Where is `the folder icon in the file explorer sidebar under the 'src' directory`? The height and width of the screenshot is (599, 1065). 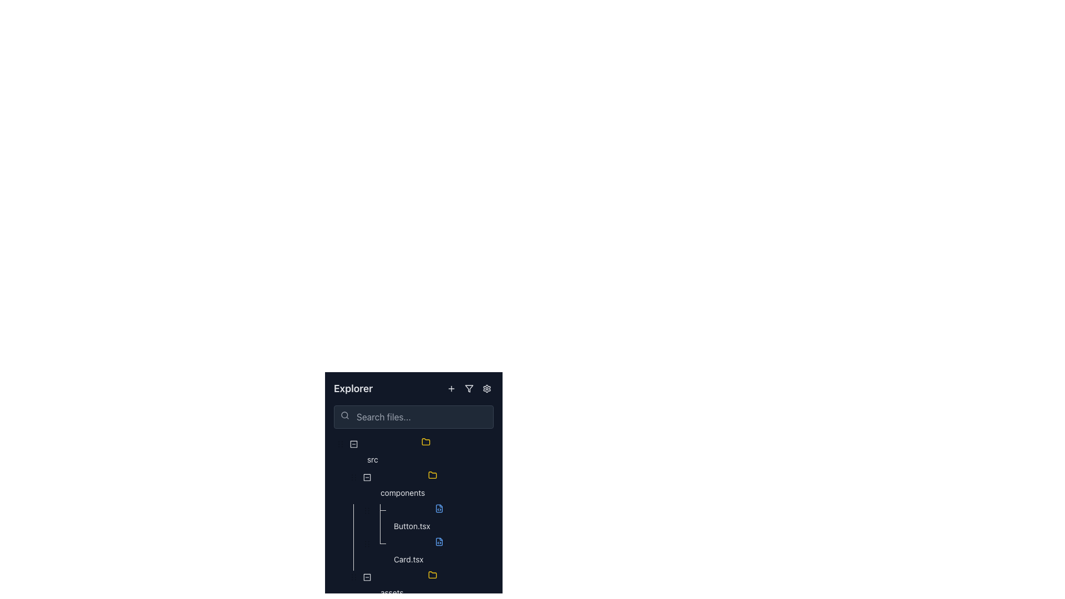 the folder icon in the file explorer sidebar under the 'src' directory is located at coordinates (432, 474).